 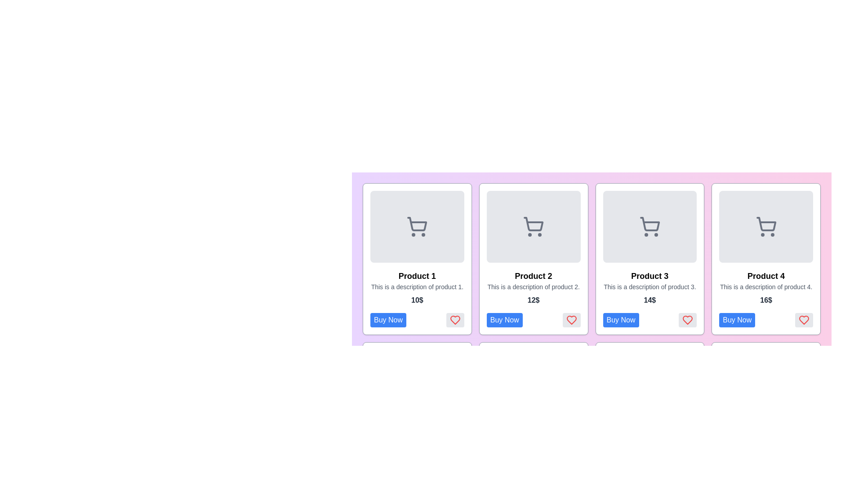 What do you see at coordinates (765, 226) in the screenshot?
I see `the shopping cart icon located in the card for 'Product 4', which is the fourth card in a sequence of product cards` at bounding box center [765, 226].